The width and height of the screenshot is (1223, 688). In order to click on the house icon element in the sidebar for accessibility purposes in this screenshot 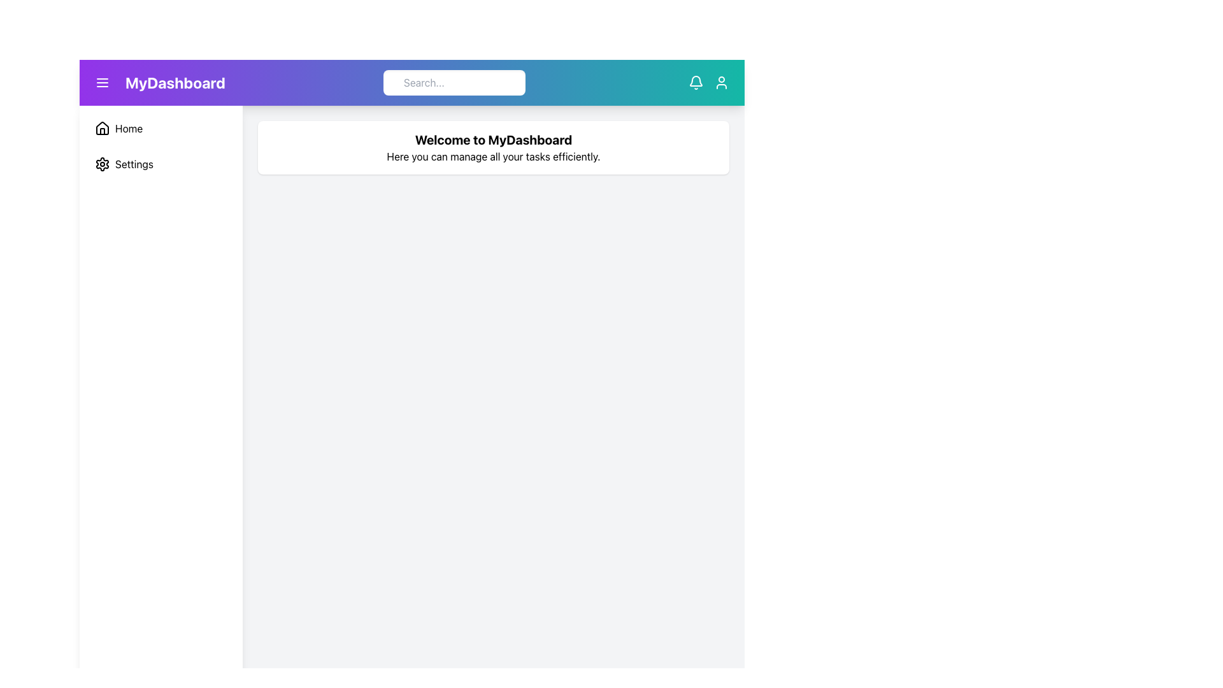, I will do `click(103, 127)`.